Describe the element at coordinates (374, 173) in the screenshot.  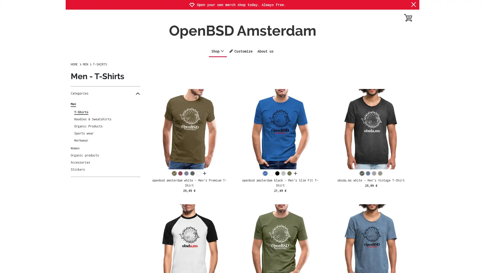
I see `vintage grey` at that location.